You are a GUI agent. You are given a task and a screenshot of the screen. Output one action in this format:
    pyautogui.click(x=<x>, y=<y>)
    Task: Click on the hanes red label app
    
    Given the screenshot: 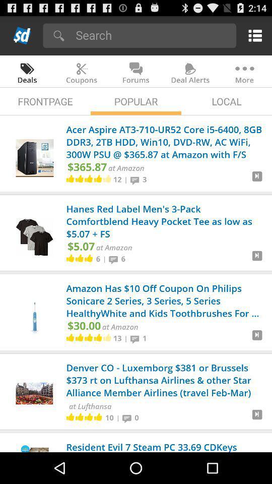 What is the action you would take?
    pyautogui.click(x=166, y=222)
    